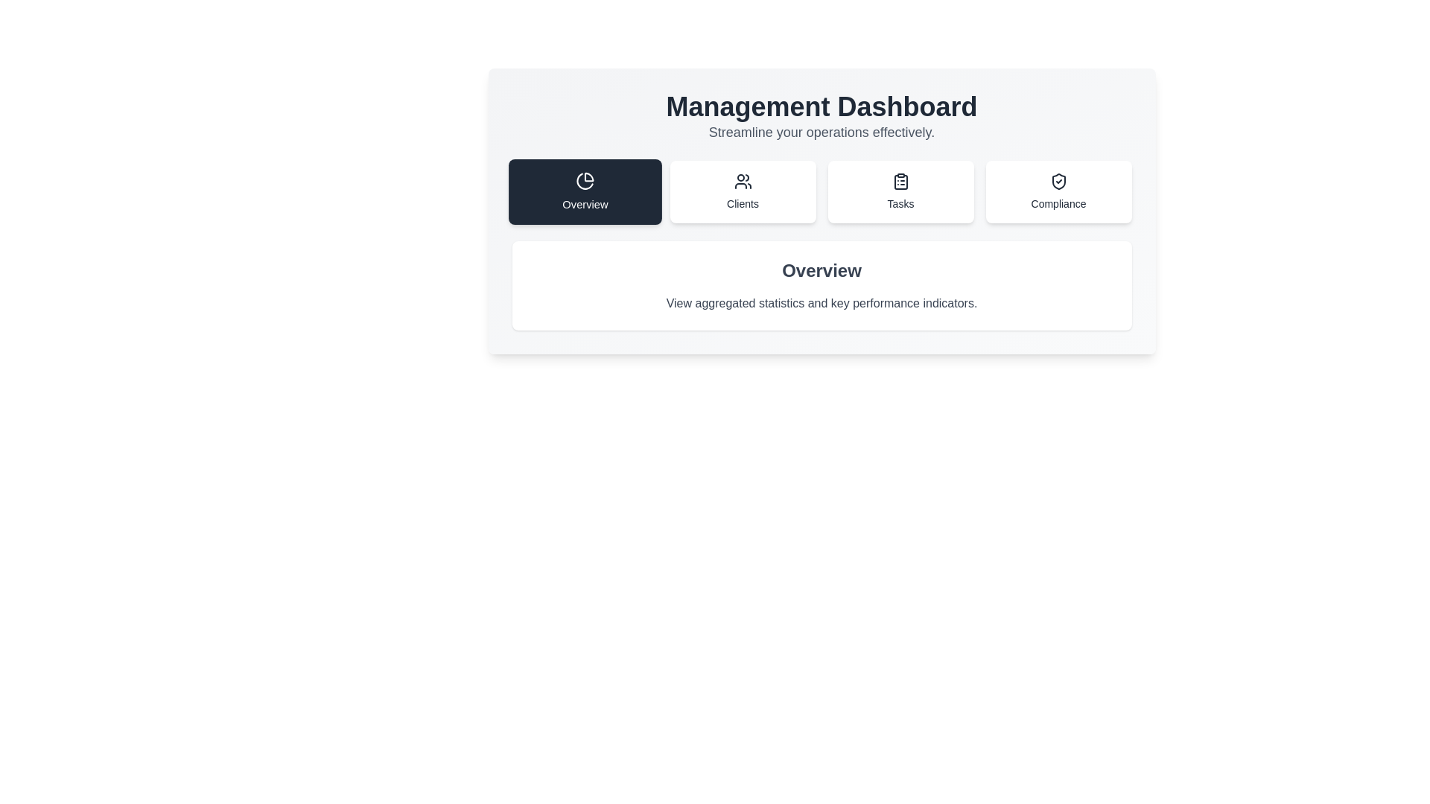 This screenshot has height=804, width=1430. What do you see at coordinates (900, 191) in the screenshot?
I see `the Tasks tab to view its content` at bounding box center [900, 191].